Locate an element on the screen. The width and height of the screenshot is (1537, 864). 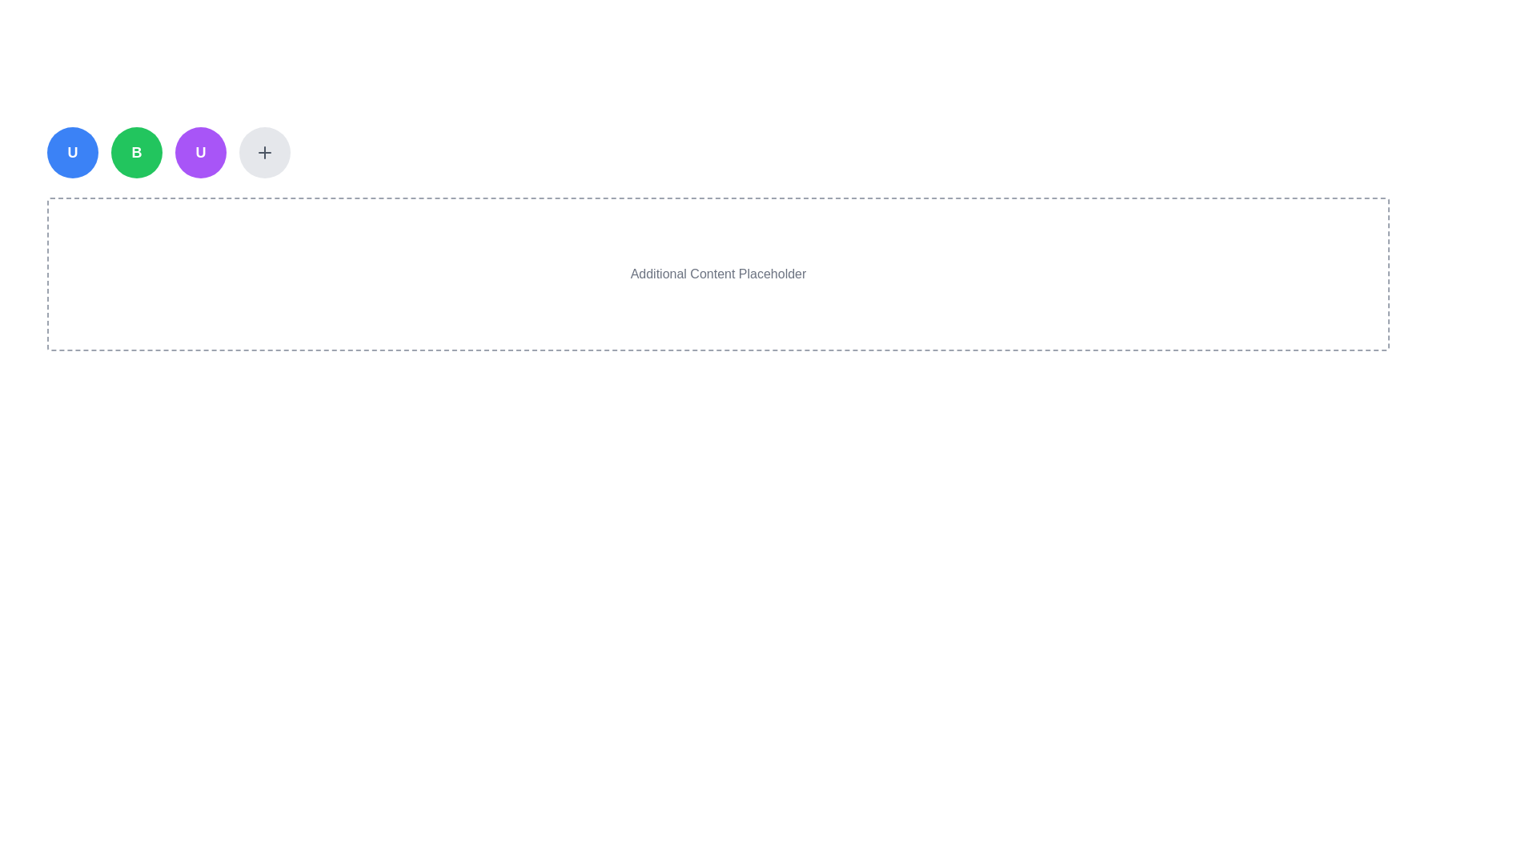
the Circle icon that represents 'Uchiha Sasuke', the first icon in a series of interactive icons located near the top left of the user interface is located at coordinates (72, 153).